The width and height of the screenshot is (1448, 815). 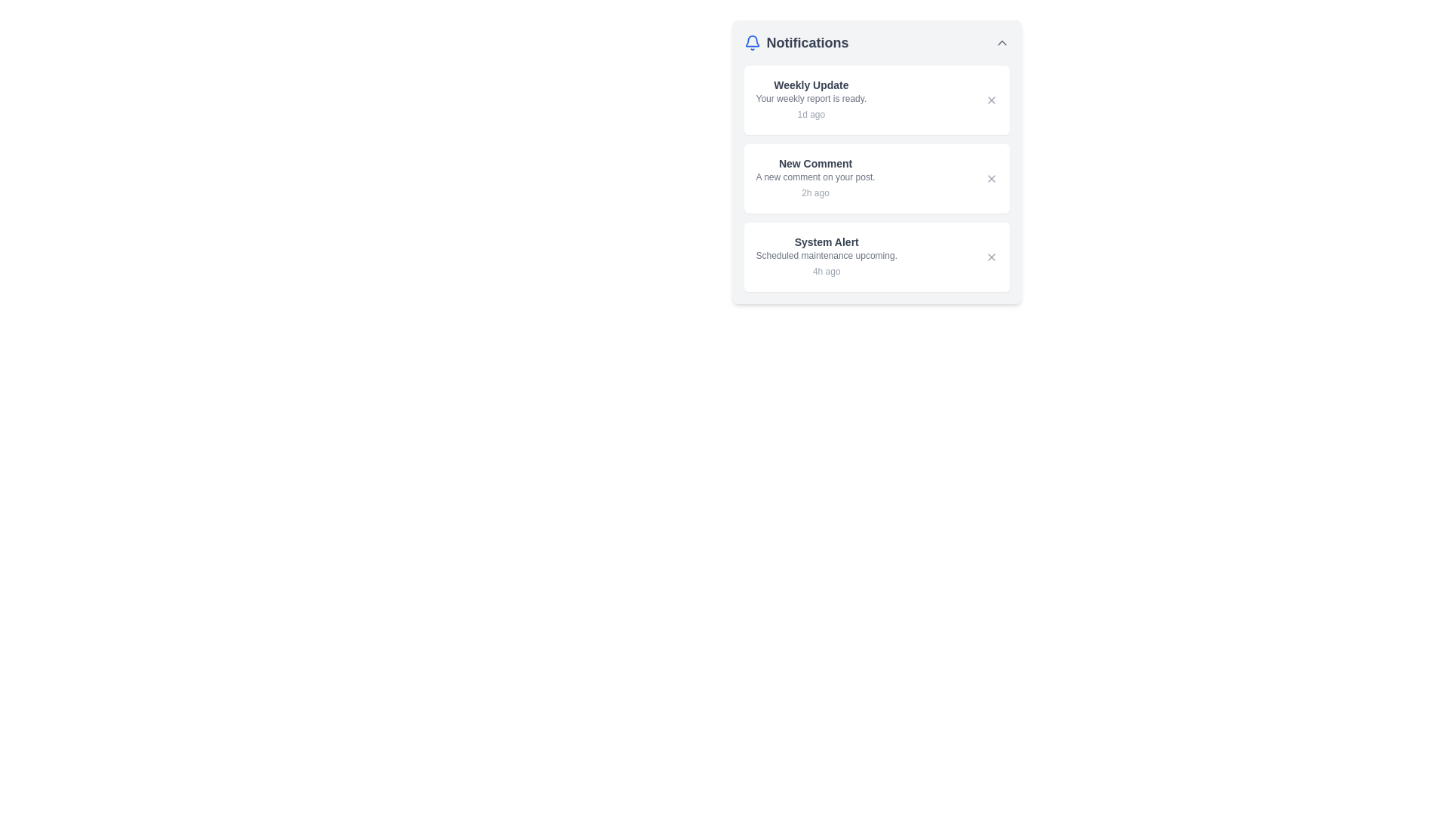 What do you see at coordinates (810, 113) in the screenshot?
I see `the text label indicating the time elapsed since the 'Weekly Update' notification was generated, located in the lower right corner of the 'Notifications' panel` at bounding box center [810, 113].